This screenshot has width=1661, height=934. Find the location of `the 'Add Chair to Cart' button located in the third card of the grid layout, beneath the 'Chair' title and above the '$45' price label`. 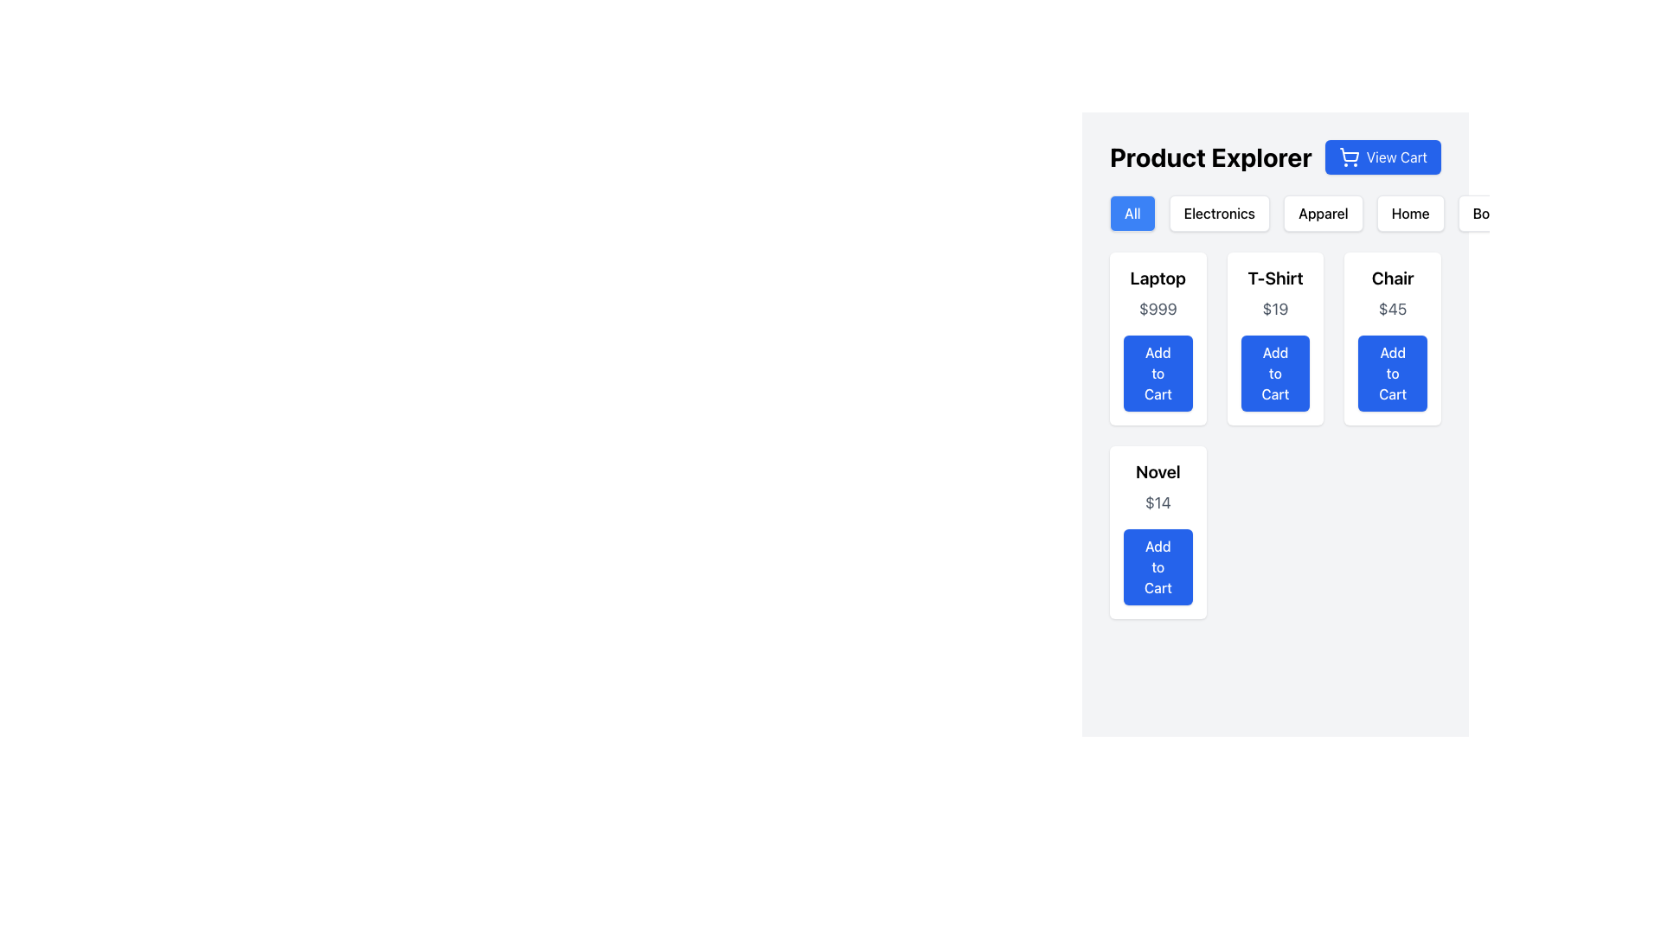

the 'Add Chair to Cart' button located in the third card of the grid layout, beneath the 'Chair' title and above the '$45' price label is located at coordinates (1393, 339).